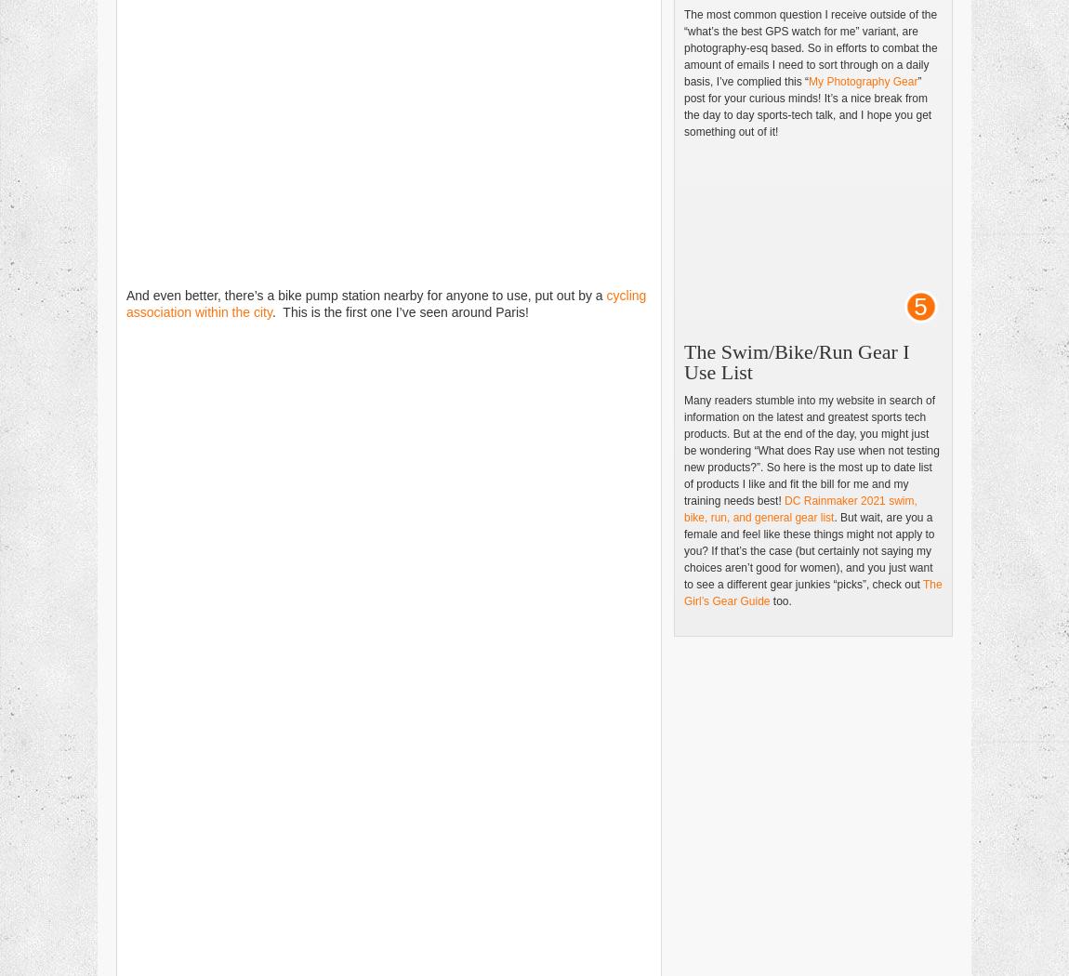  What do you see at coordinates (795, 362) in the screenshot?
I see `'The Swim/Bike/Run Gear I Use List'` at bounding box center [795, 362].